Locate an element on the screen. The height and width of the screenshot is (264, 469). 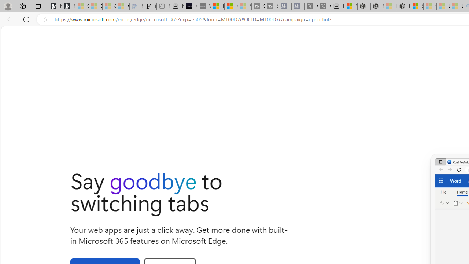
'X - Sleeping' is located at coordinates (324, 6).